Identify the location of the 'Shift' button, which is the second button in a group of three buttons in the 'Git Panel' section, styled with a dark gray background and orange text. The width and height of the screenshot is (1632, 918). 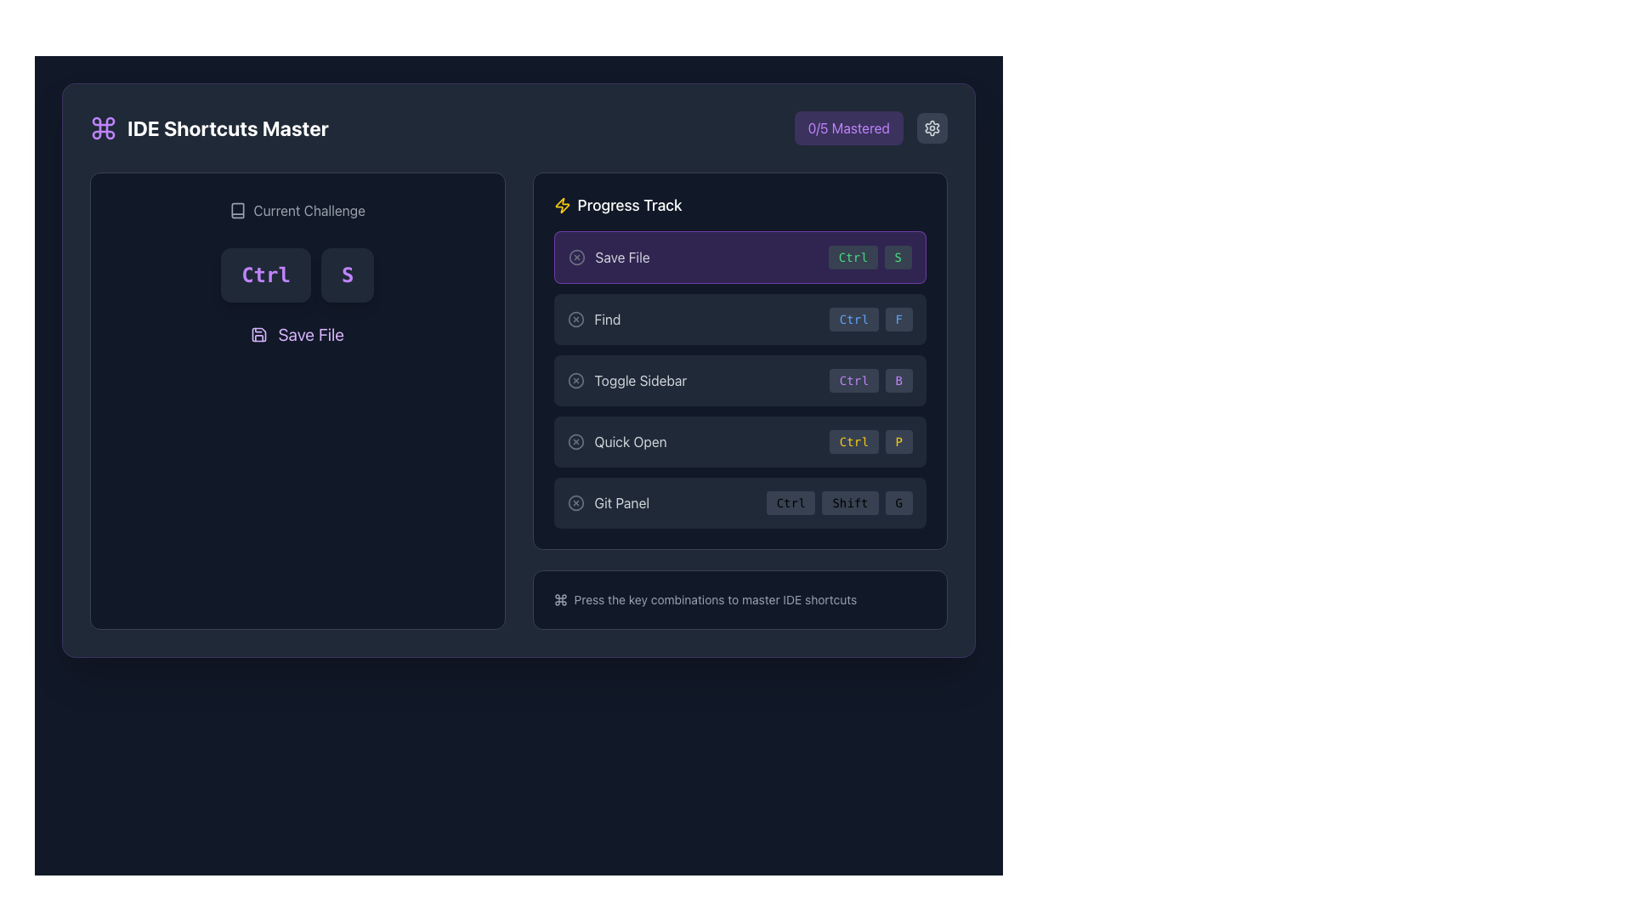
(850, 501).